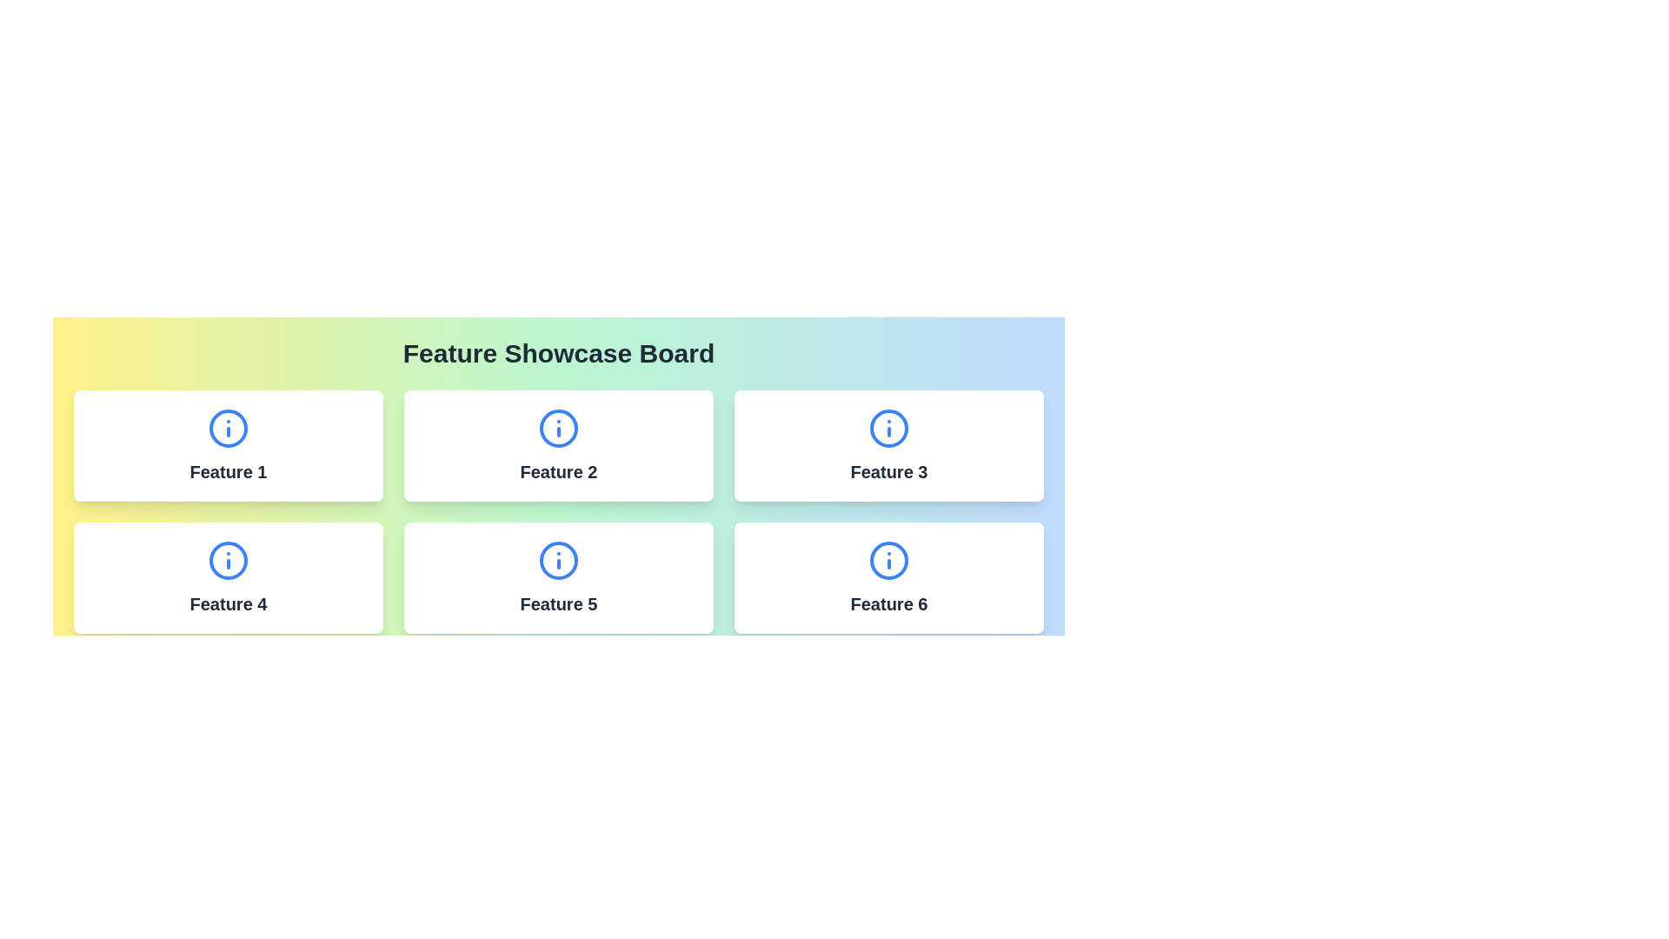 Image resolution: width=1669 pixels, height=939 pixels. I want to click on the bold text label 'Feature 3' styled with a large font size and dark gray color, located in the upper-right section of the grid layout, so click(888, 472).